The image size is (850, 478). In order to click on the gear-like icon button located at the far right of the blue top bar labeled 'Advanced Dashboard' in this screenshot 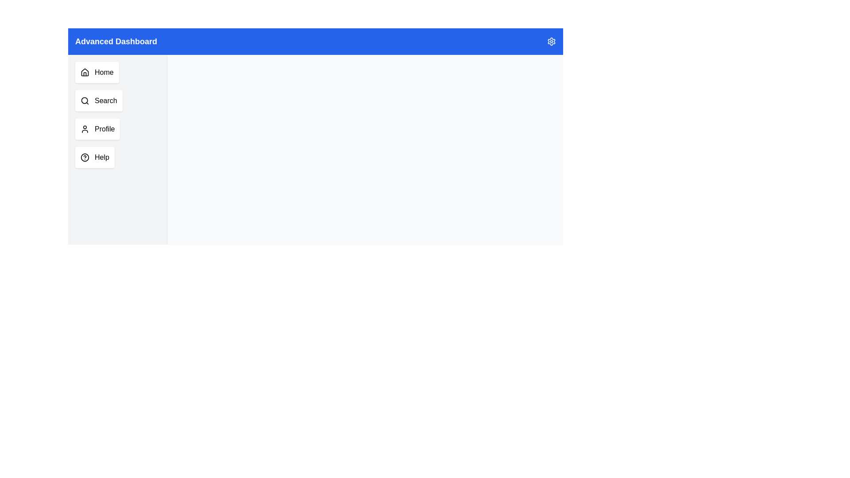, I will do `click(551, 41)`.